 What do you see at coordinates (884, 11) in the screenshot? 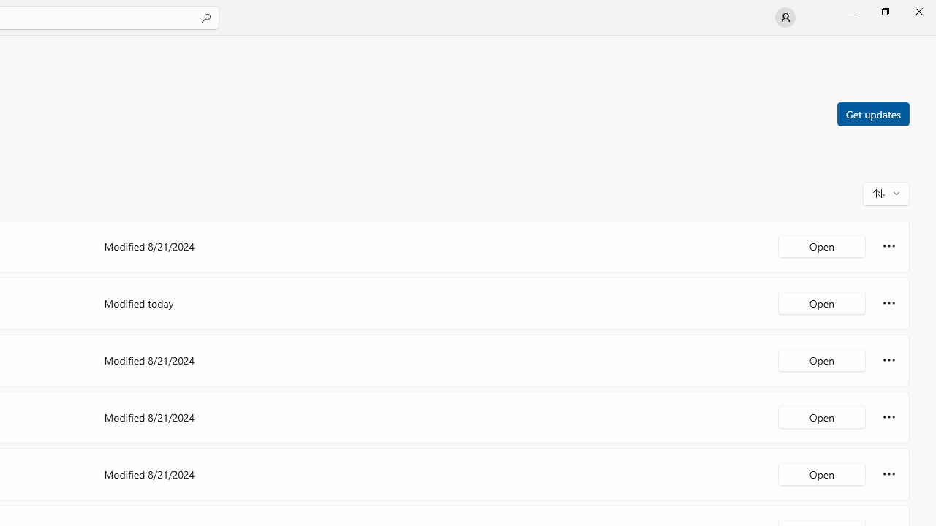
I see `'Restore Microsoft Store'` at bounding box center [884, 11].